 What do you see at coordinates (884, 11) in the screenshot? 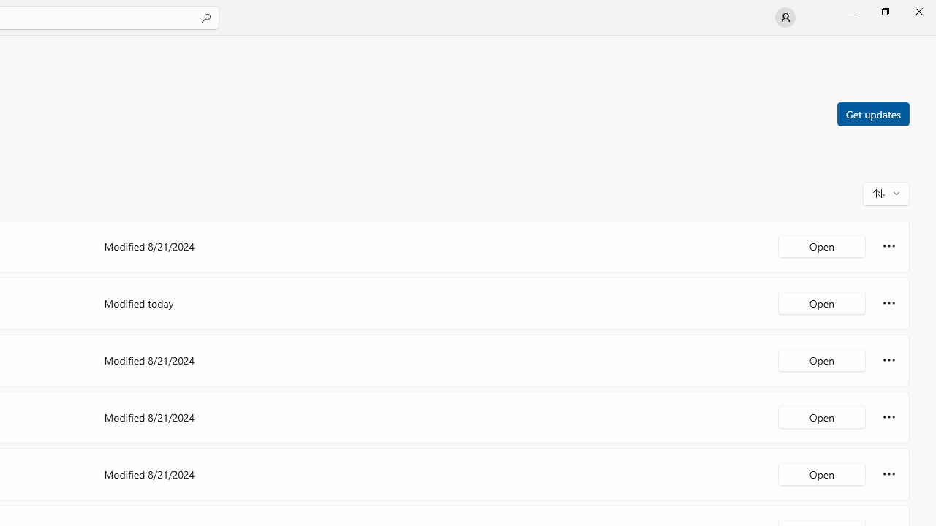
I see `'Restore Microsoft Store'` at bounding box center [884, 11].